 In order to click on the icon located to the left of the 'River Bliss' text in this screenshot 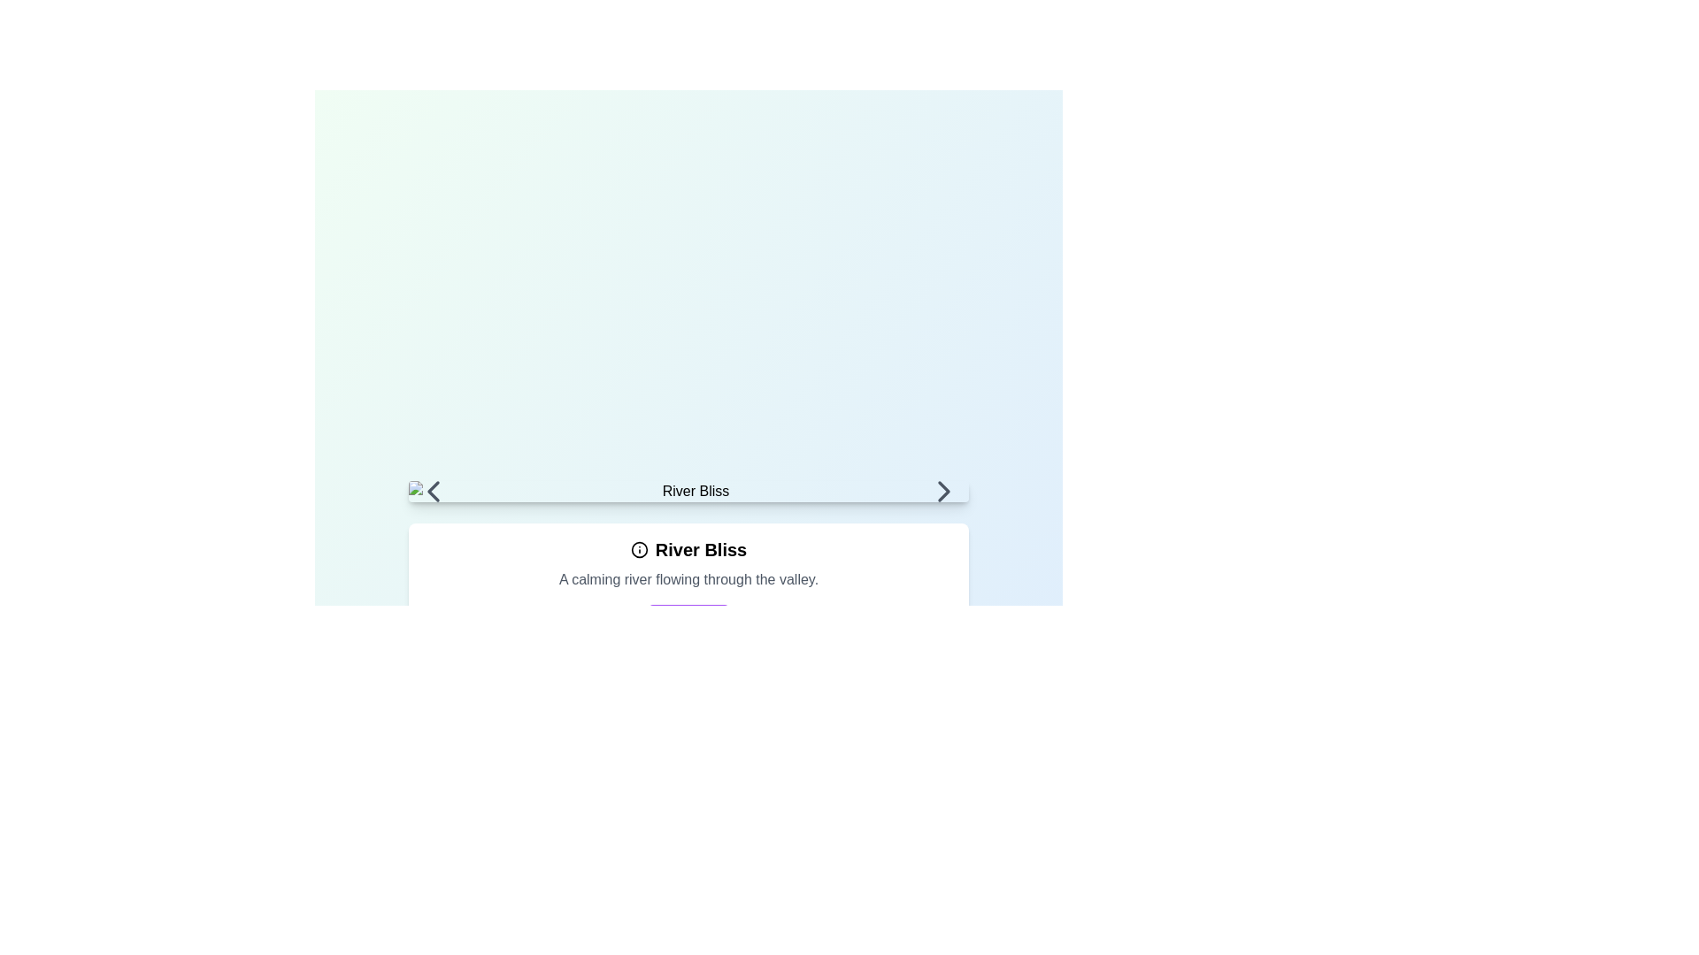, I will do `click(638, 548)`.